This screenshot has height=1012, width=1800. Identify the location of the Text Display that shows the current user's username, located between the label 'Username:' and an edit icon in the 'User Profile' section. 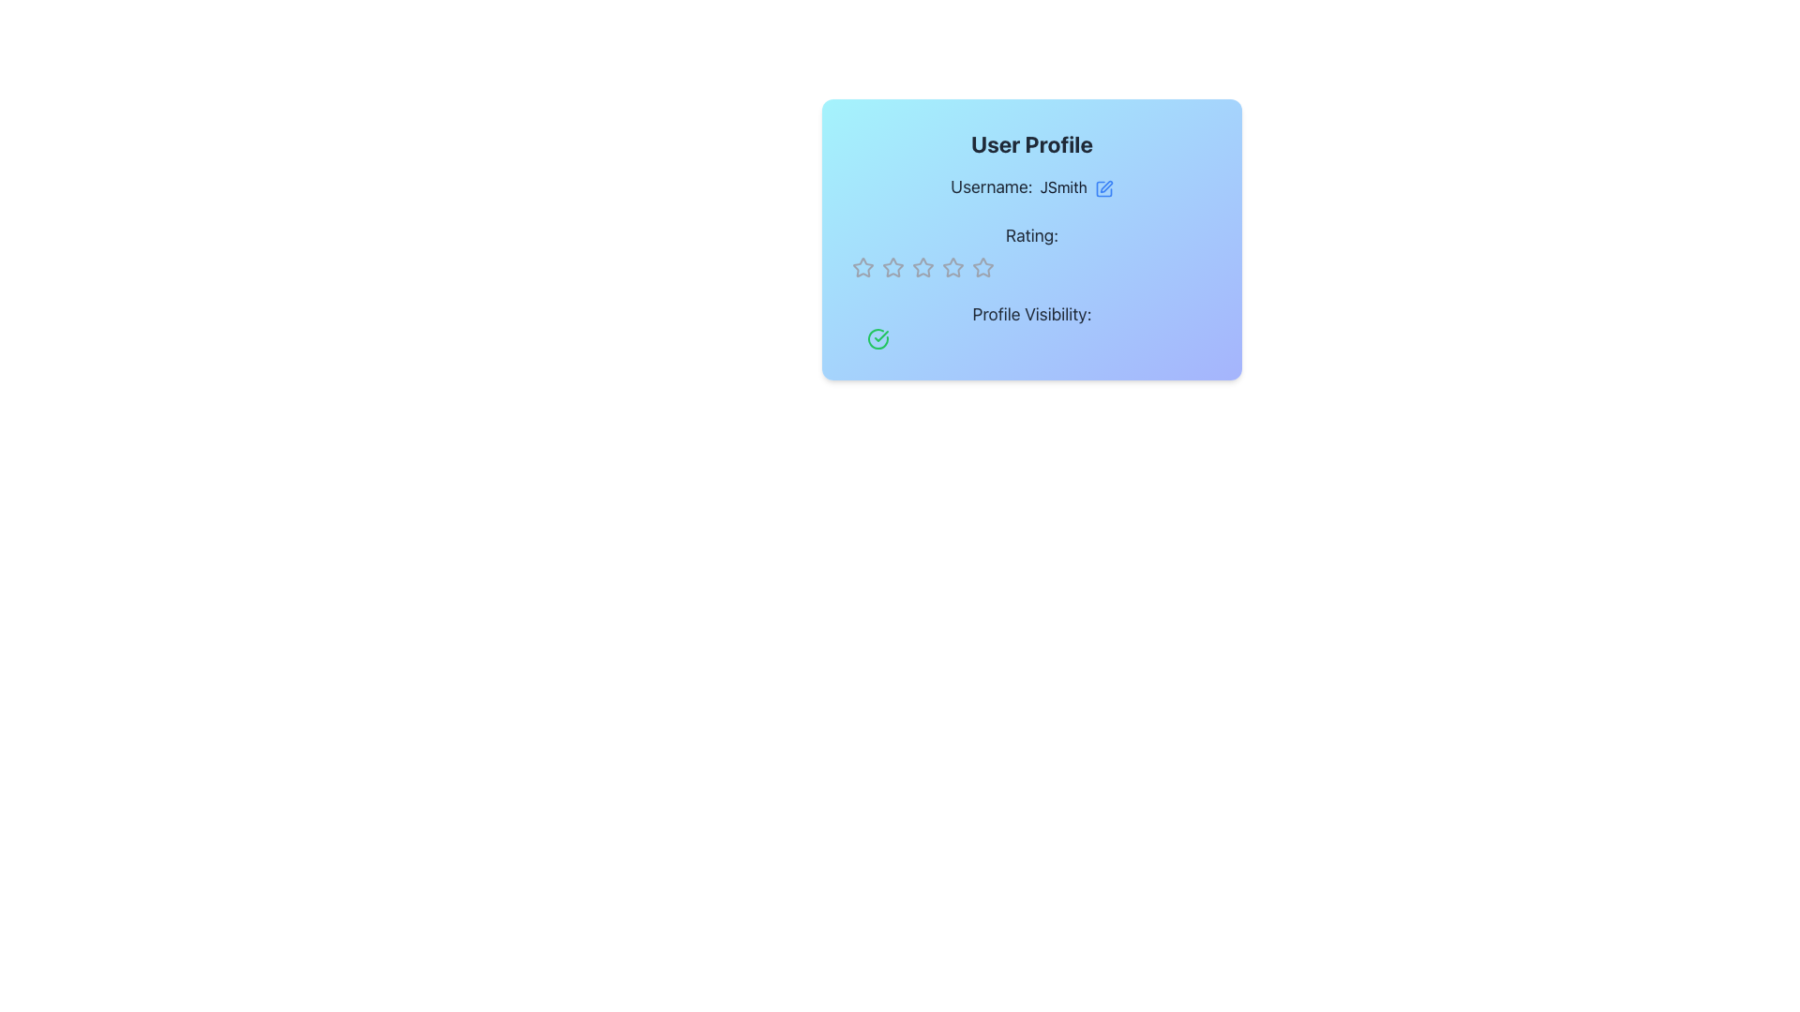
(1063, 187).